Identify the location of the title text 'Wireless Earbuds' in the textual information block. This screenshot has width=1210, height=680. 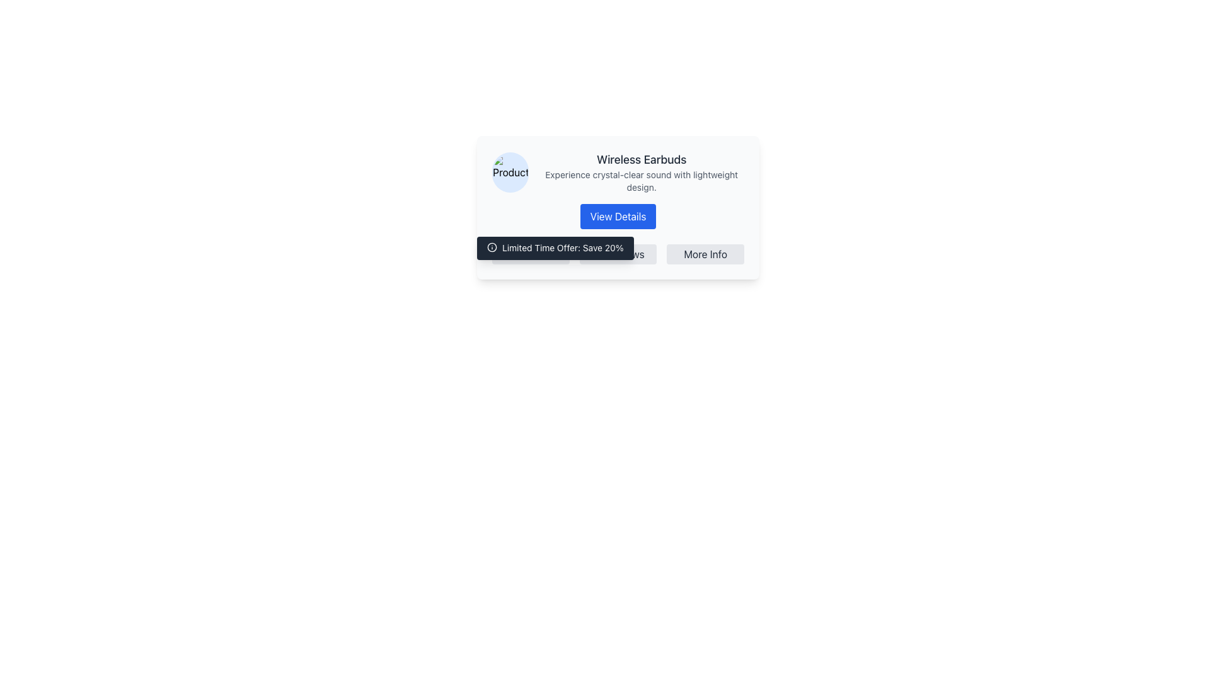
(641, 172).